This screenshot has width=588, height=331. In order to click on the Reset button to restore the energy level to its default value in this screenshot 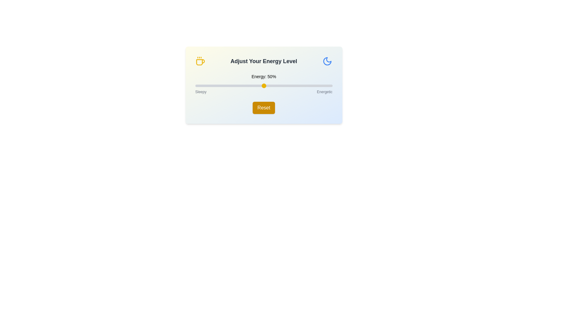, I will do `click(264, 107)`.